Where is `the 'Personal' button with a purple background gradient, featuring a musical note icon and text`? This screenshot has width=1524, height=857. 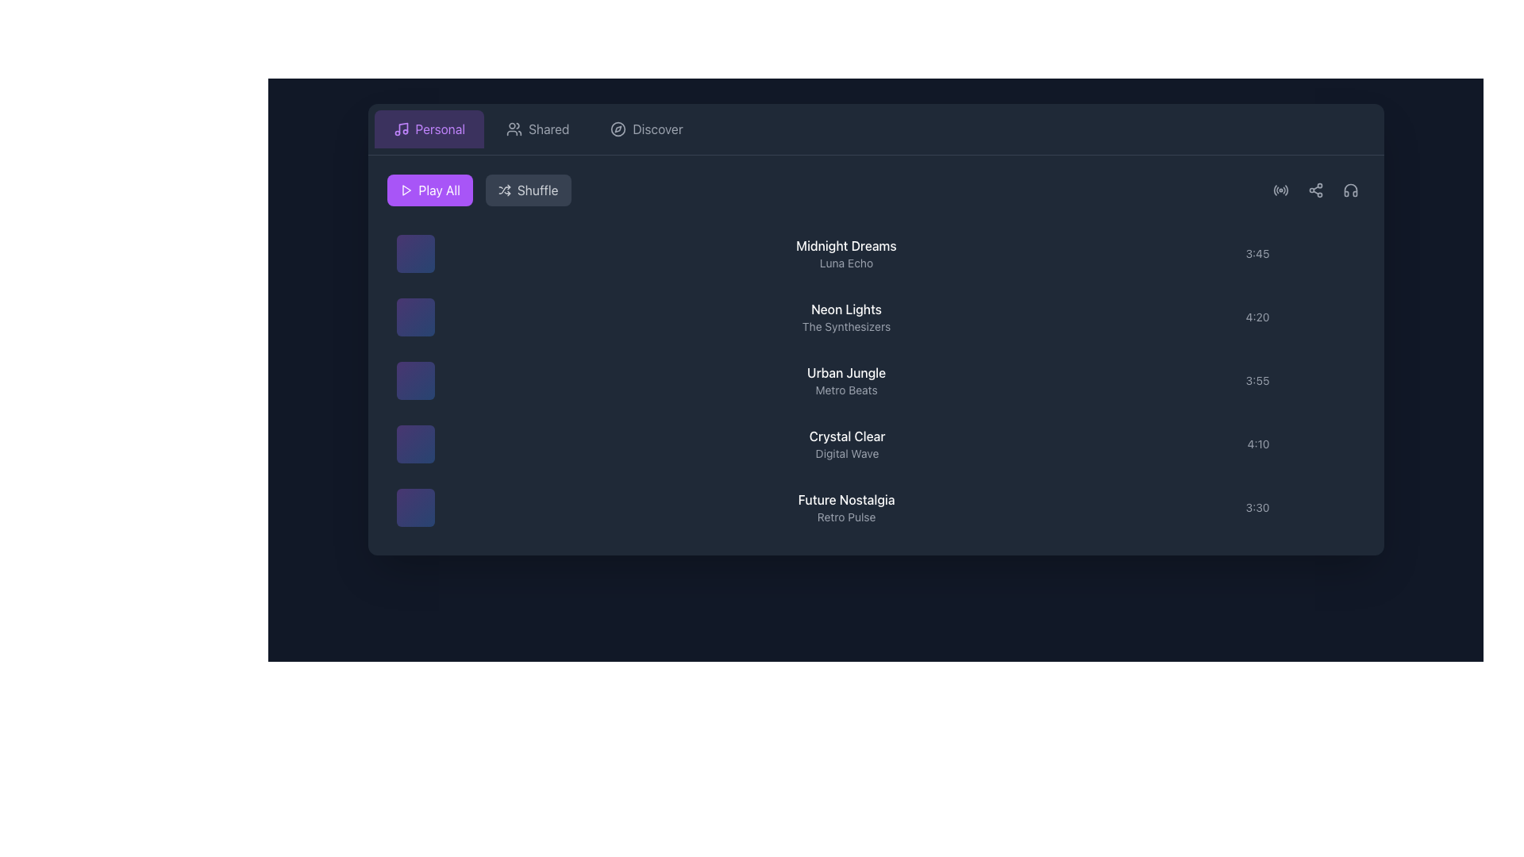 the 'Personal' button with a purple background gradient, featuring a musical note icon and text is located at coordinates (429, 128).